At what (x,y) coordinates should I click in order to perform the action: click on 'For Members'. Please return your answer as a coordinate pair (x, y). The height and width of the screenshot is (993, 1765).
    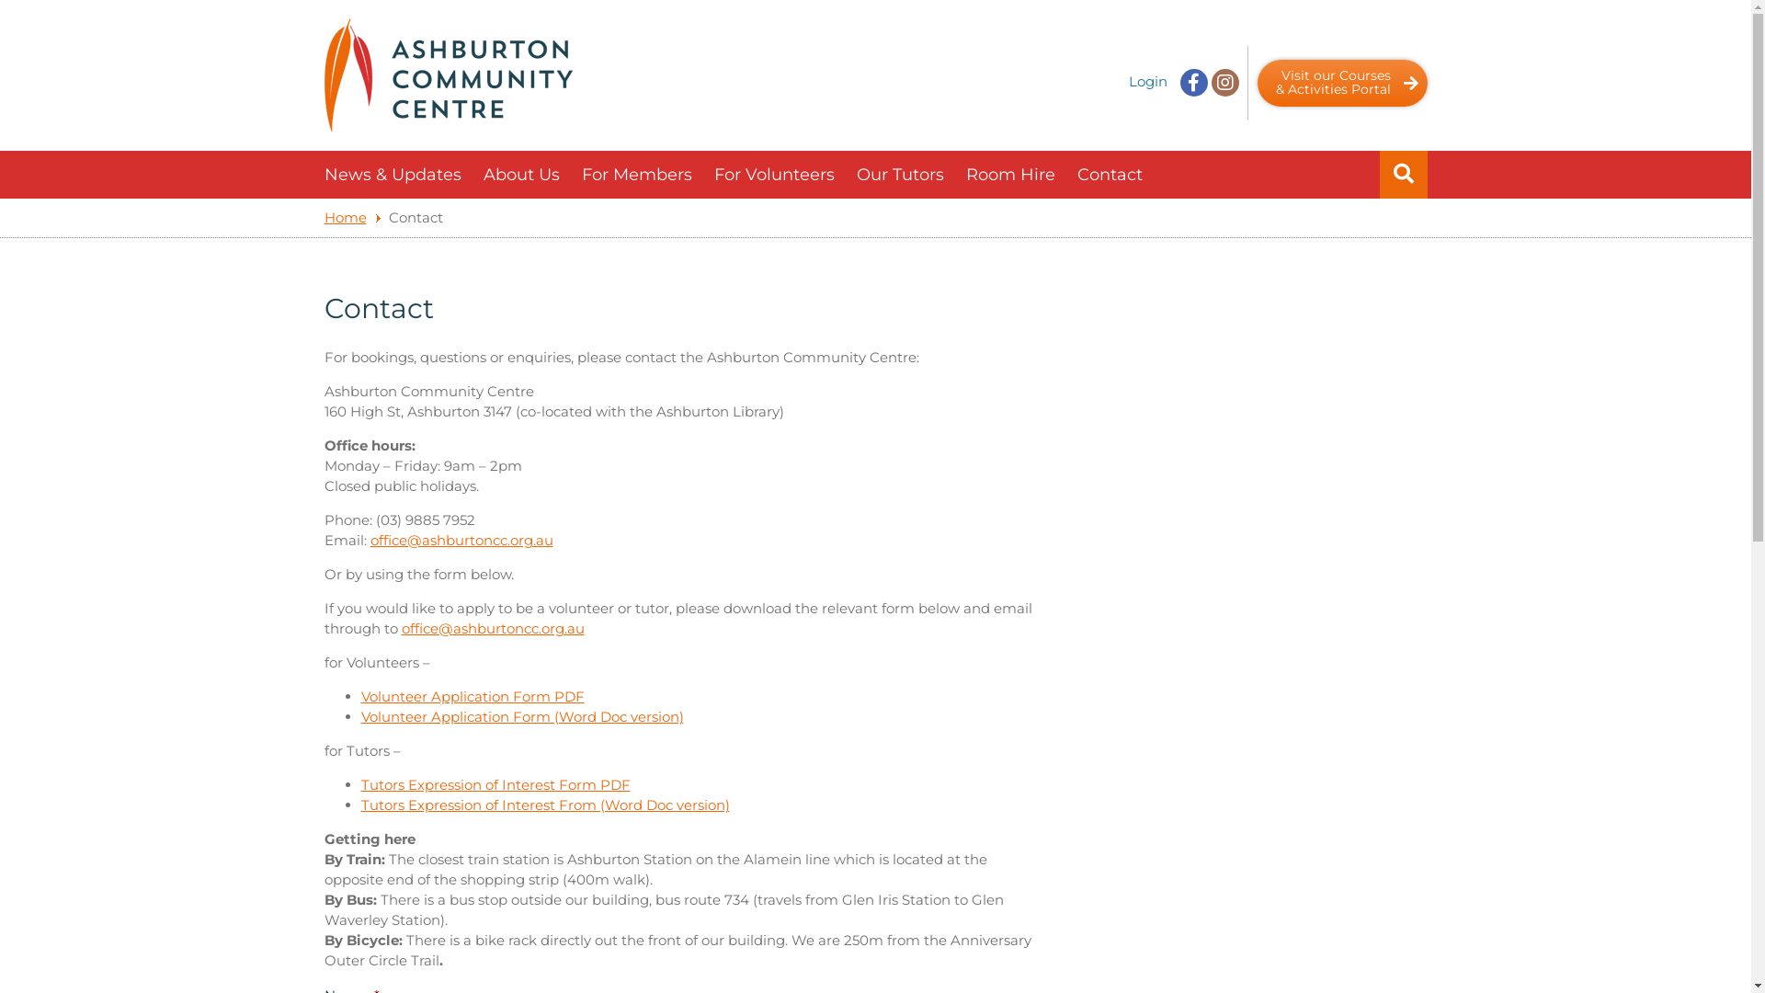
    Looking at the image, I should click on (635, 174).